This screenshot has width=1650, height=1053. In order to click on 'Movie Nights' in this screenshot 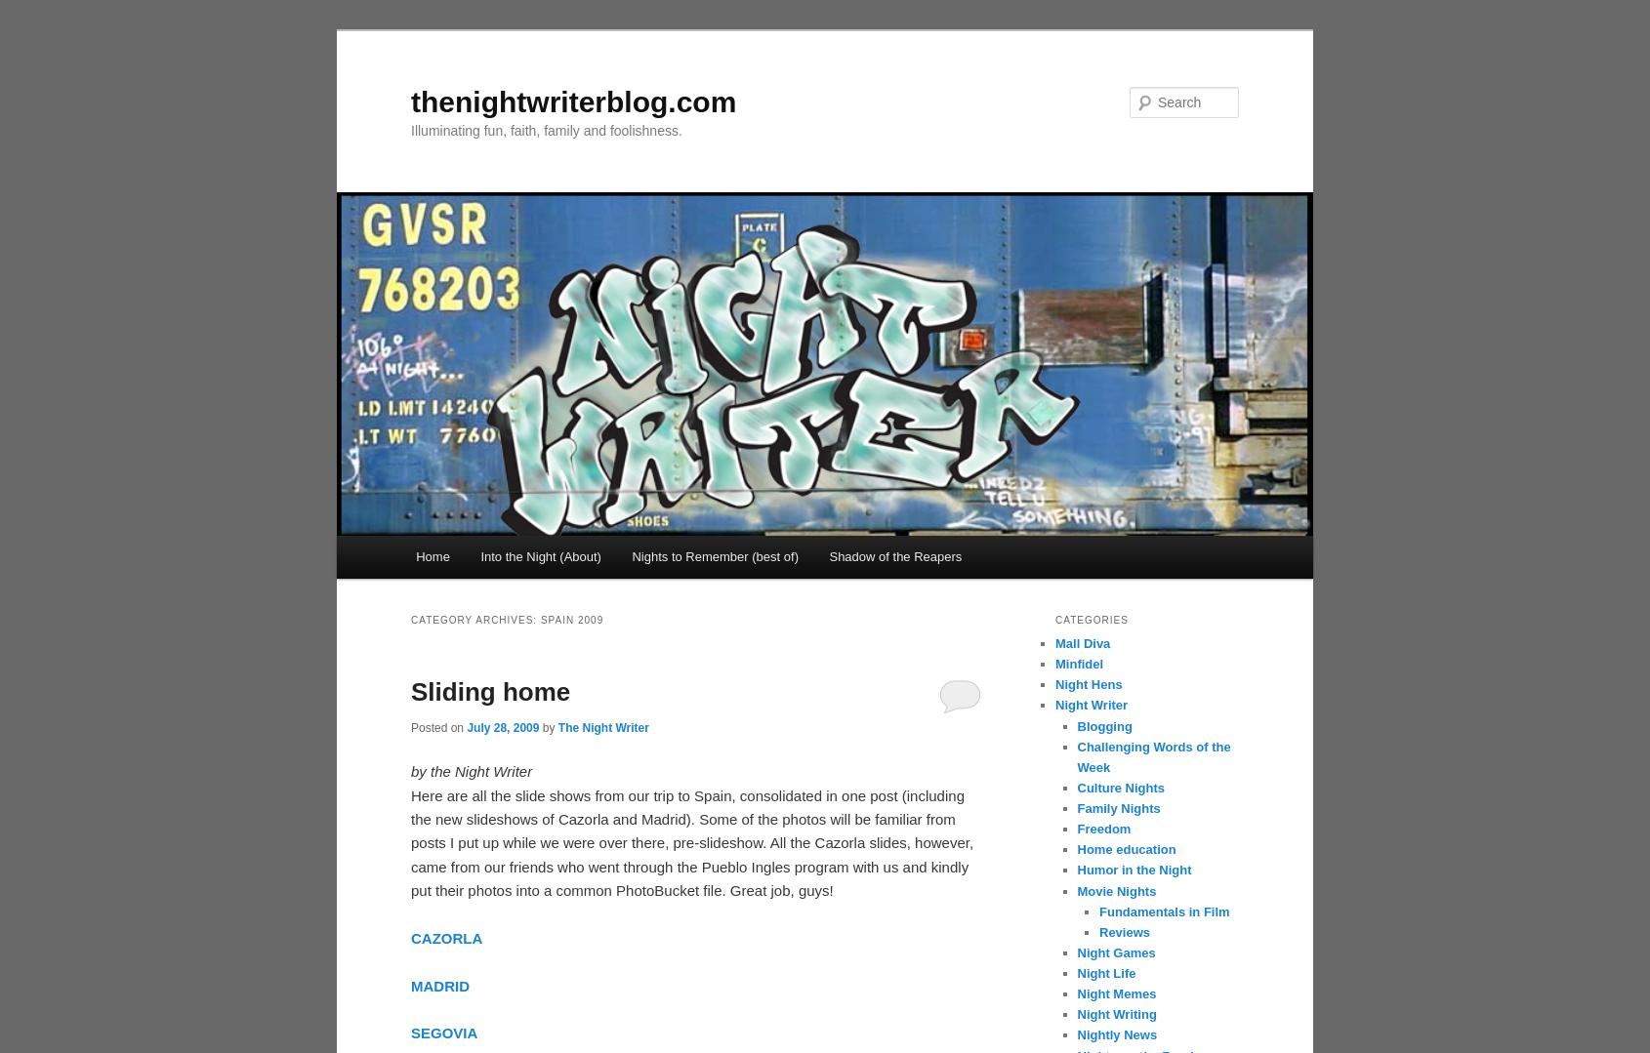, I will do `click(1116, 889)`.